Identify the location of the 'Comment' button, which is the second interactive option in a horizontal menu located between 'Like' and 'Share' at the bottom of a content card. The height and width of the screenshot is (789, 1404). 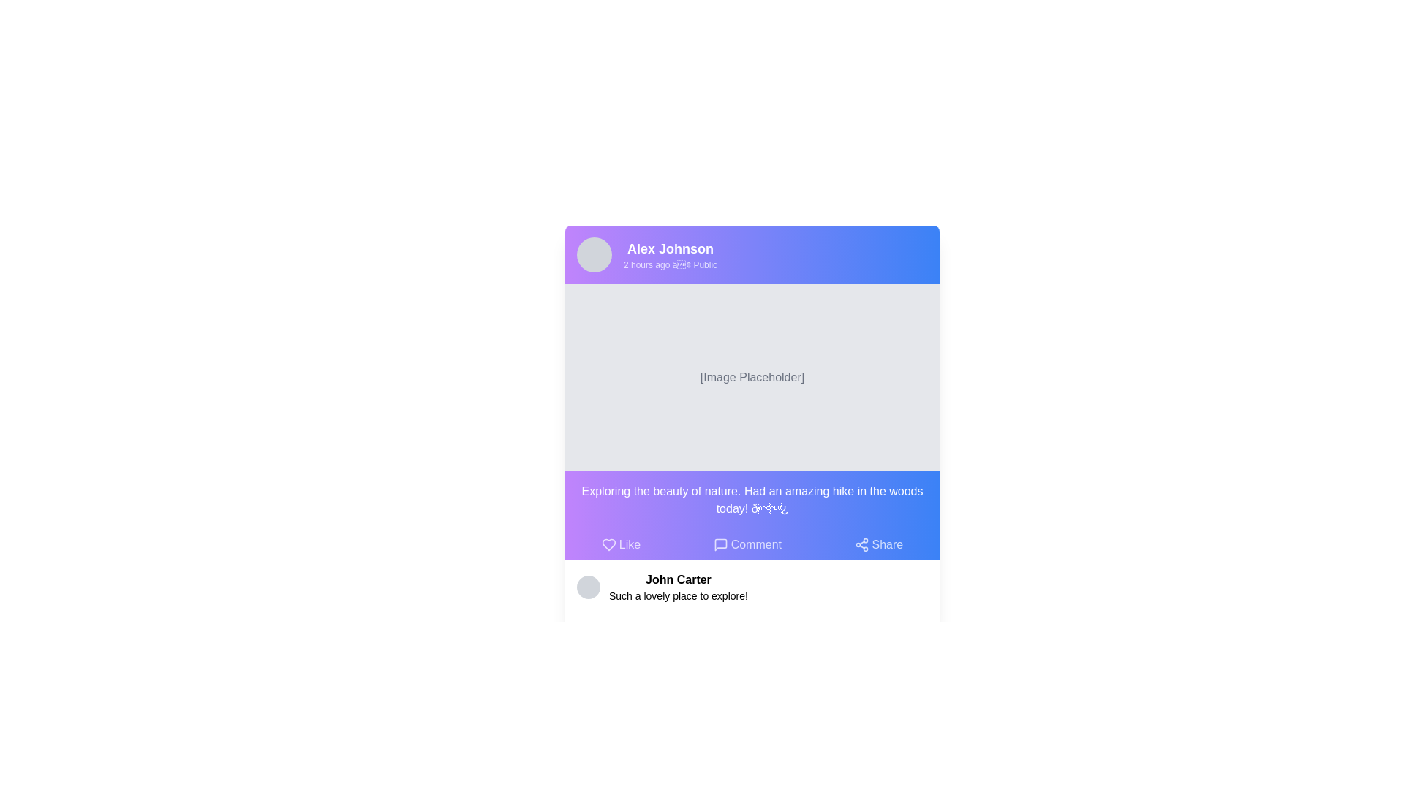
(747, 544).